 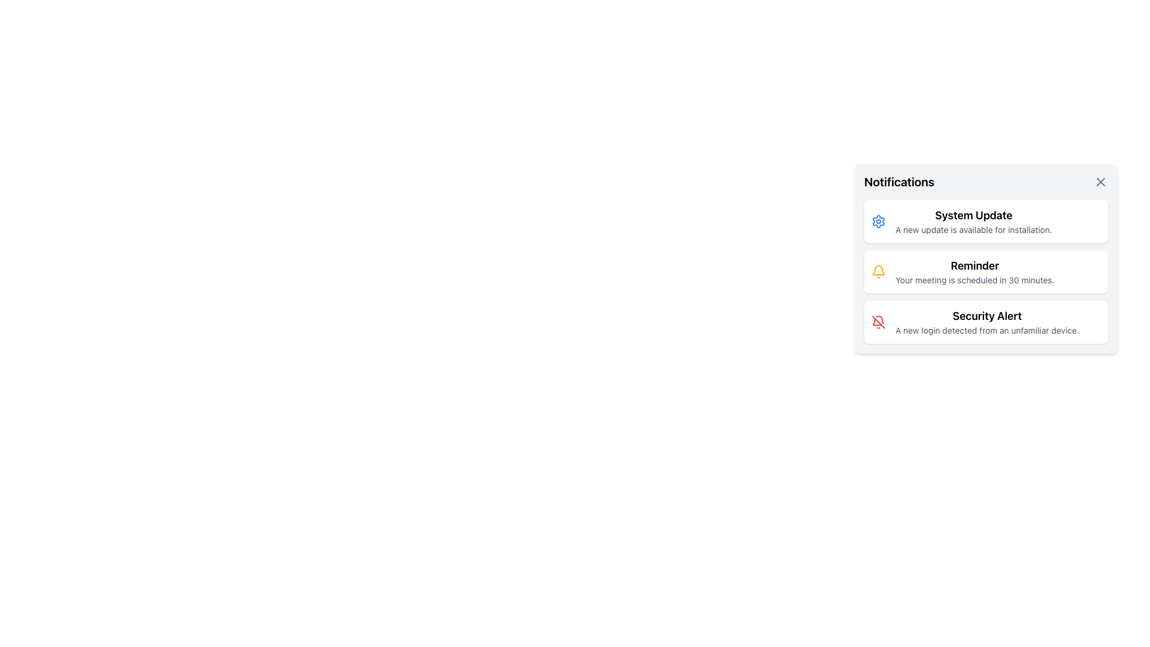 I want to click on the content of the Notification Item indicating a new system update available for installation, which is the first item in the notification list, so click(x=986, y=222).